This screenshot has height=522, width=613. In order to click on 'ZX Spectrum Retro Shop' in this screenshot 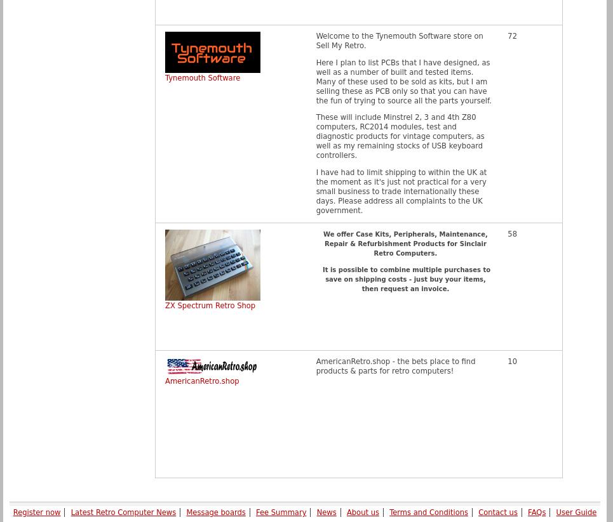, I will do `click(209, 305)`.